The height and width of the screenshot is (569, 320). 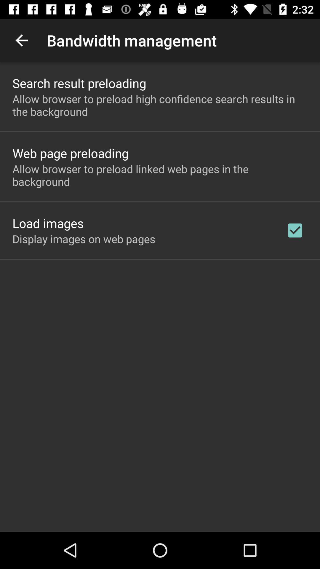 I want to click on web page preloading icon, so click(x=70, y=153).